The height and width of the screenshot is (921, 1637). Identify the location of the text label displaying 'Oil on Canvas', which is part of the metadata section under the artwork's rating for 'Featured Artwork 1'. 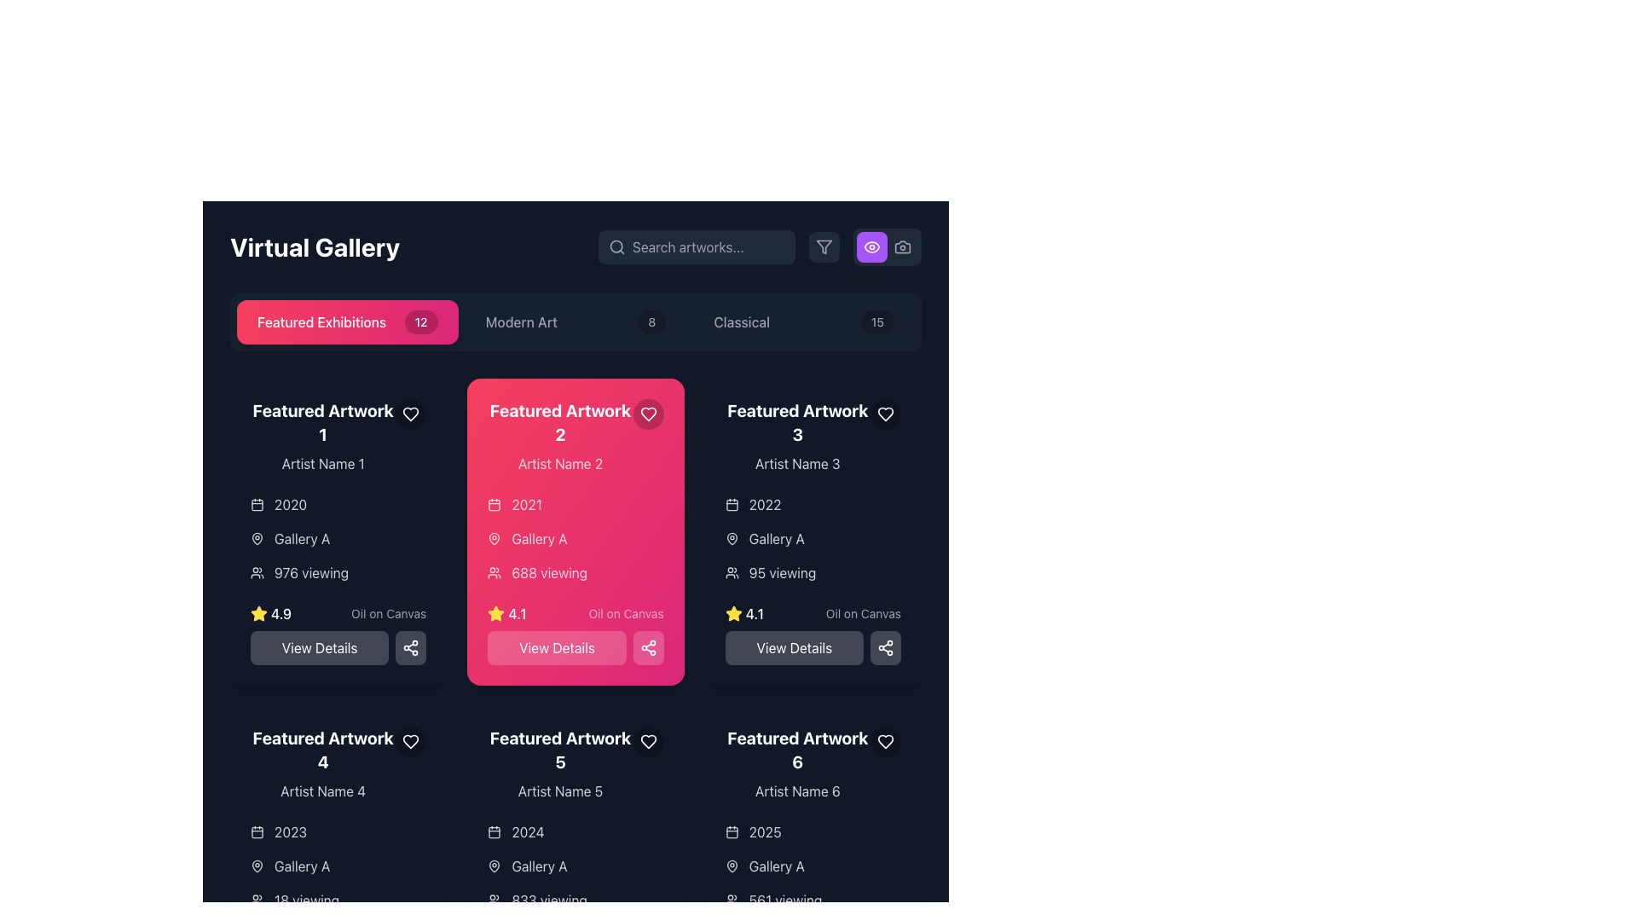
(388, 614).